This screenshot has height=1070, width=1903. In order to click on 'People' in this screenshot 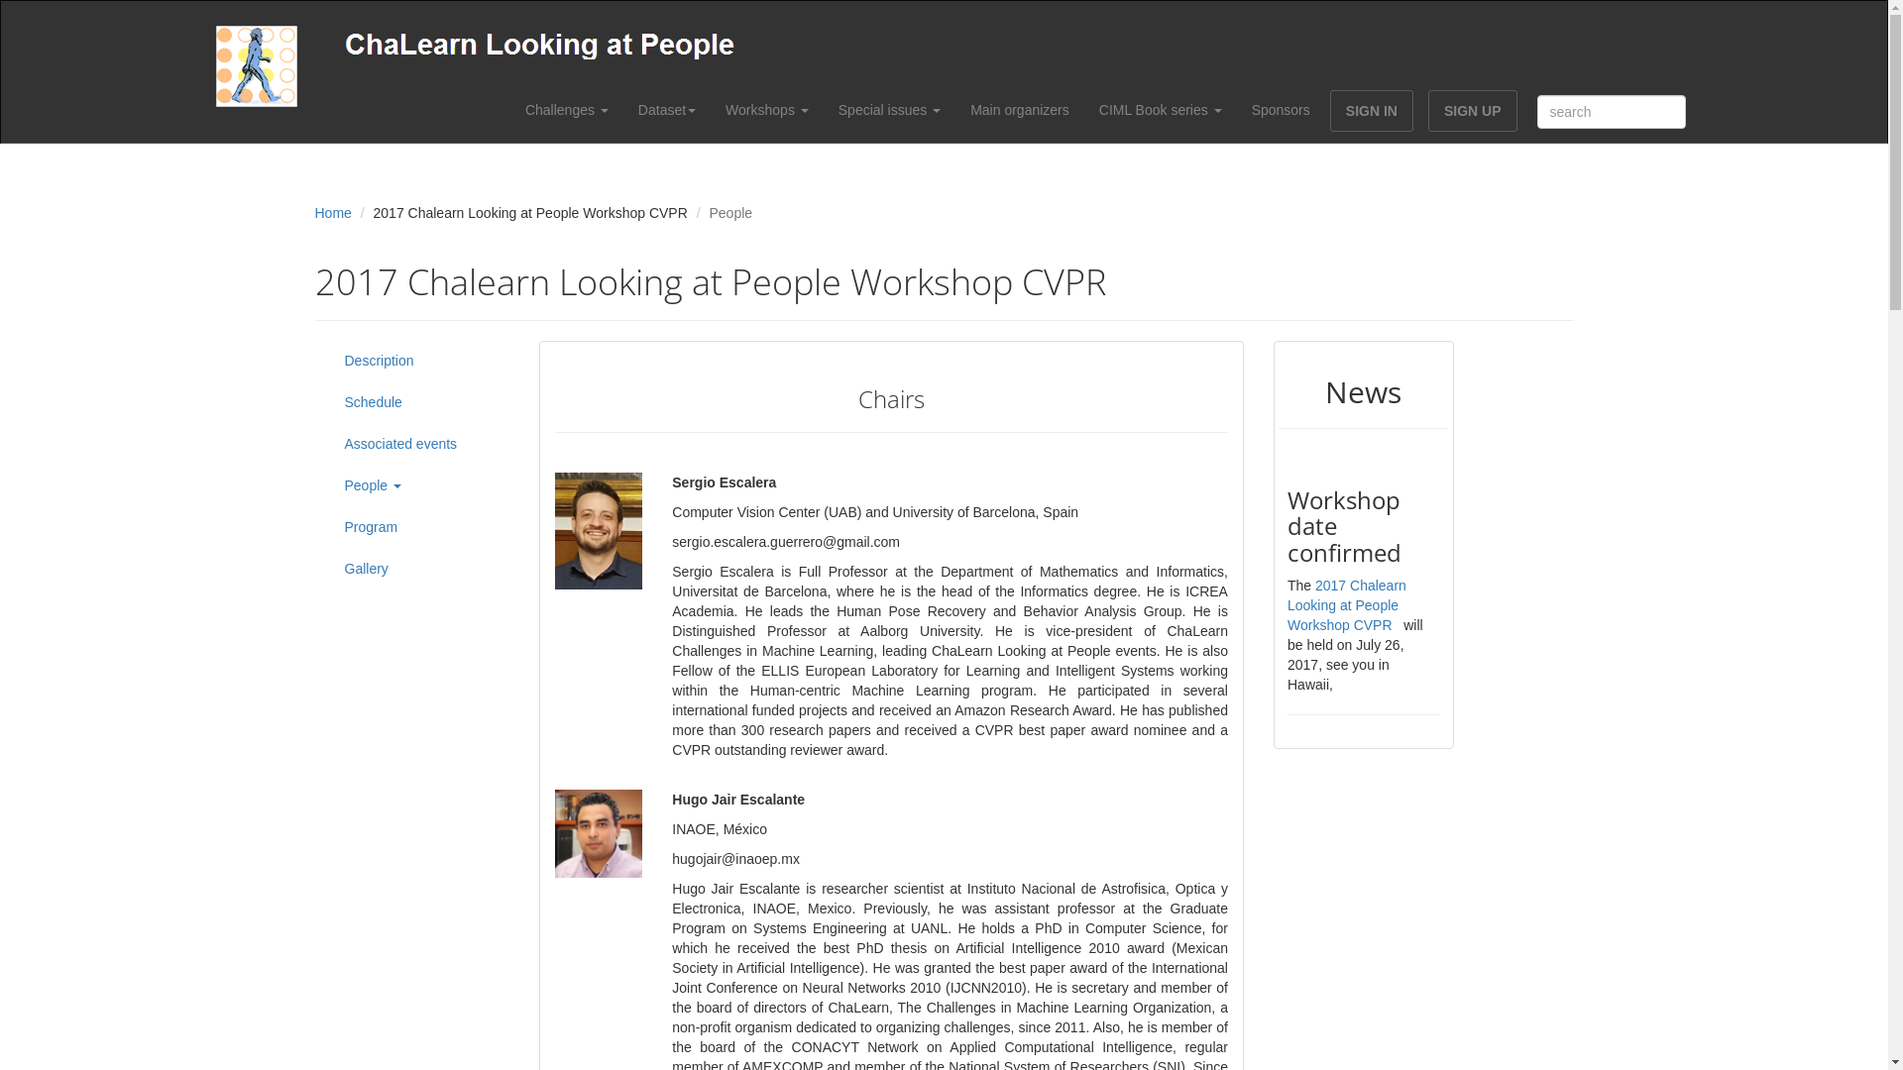, I will do `click(417, 484)`.